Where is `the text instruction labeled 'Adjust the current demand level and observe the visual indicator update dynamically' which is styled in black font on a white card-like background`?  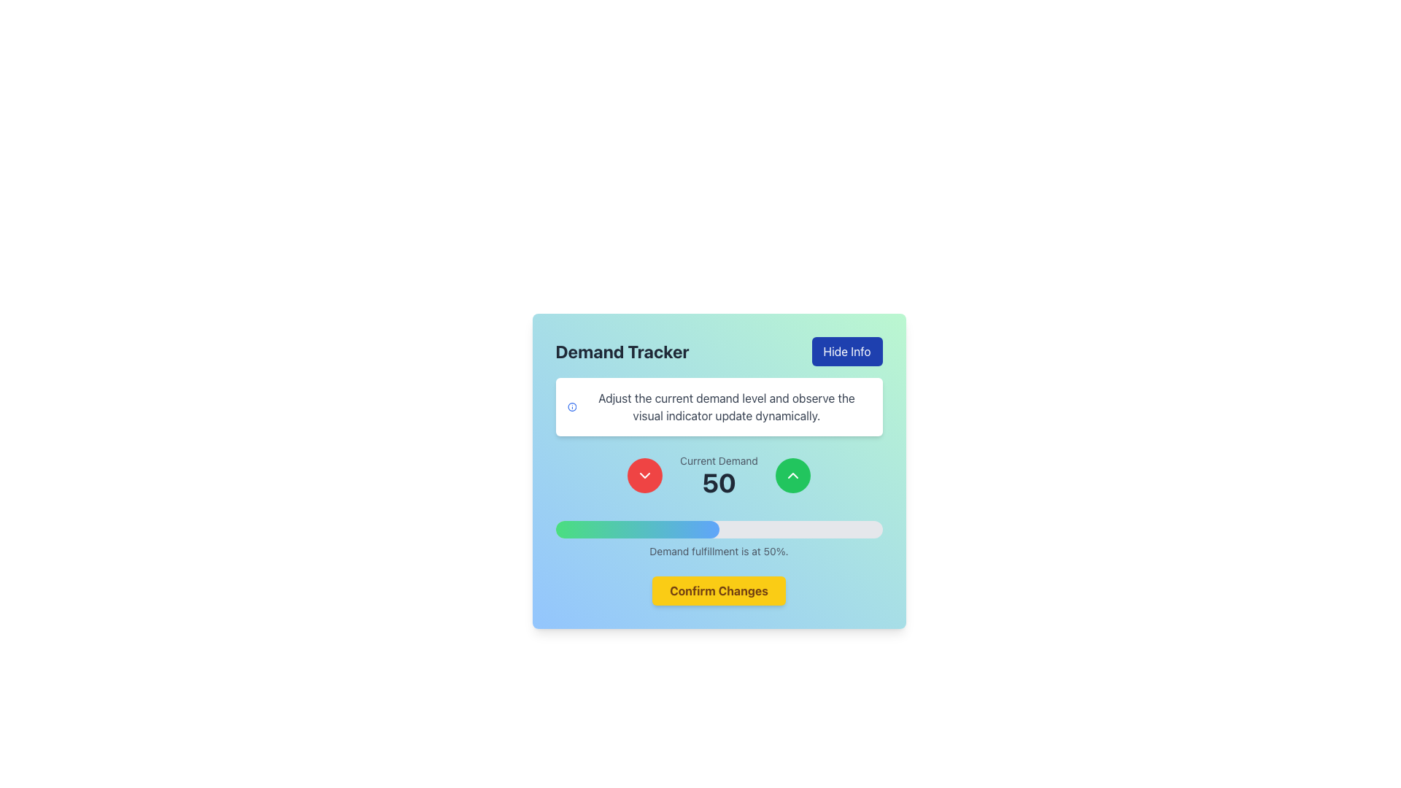 the text instruction labeled 'Adjust the current demand level and observe the visual indicator update dynamically' which is styled in black font on a white card-like background is located at coordinates (726, 407).